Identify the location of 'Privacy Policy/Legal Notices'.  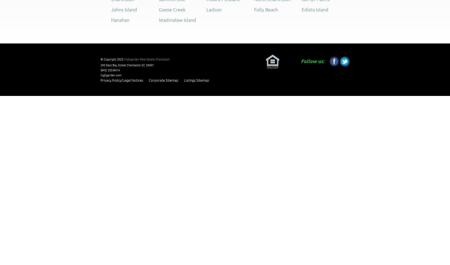
(100, 80).